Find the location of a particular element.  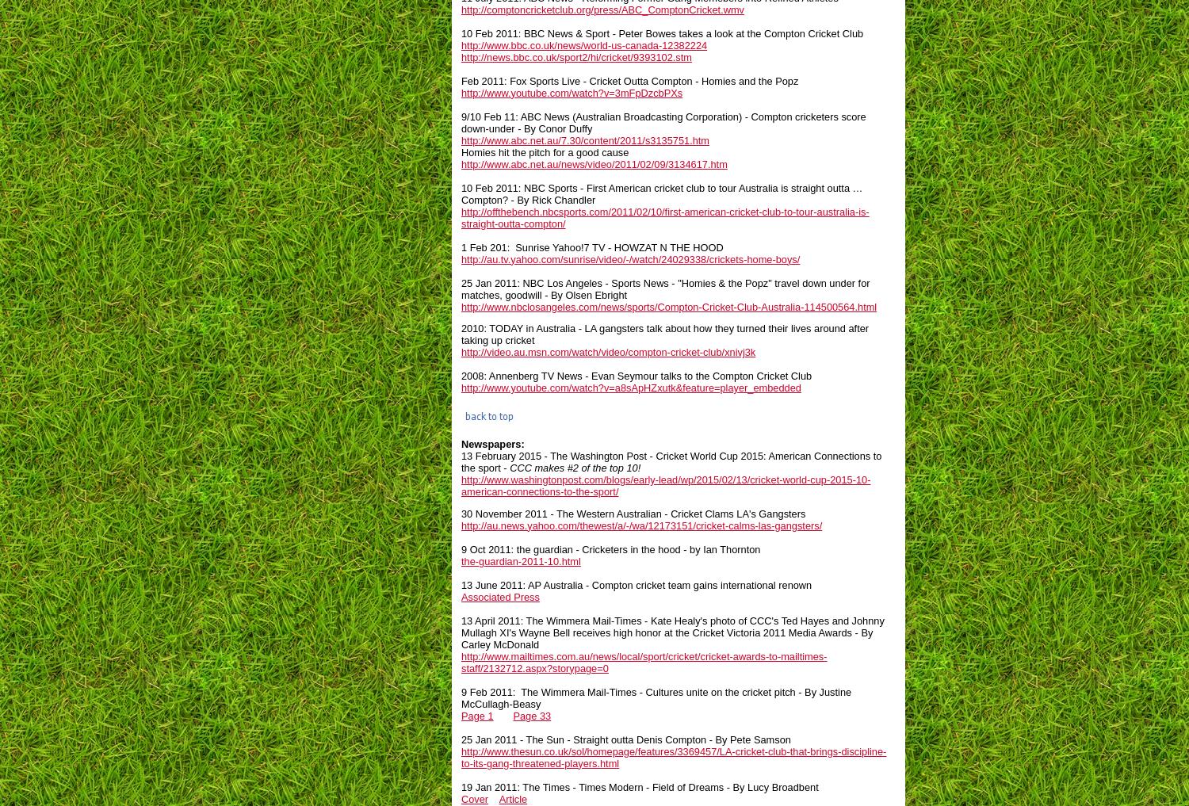

'http://www.abc.net.au/news/video/2011/02/09/3134617.htm' is located at coordinates (461, 163).